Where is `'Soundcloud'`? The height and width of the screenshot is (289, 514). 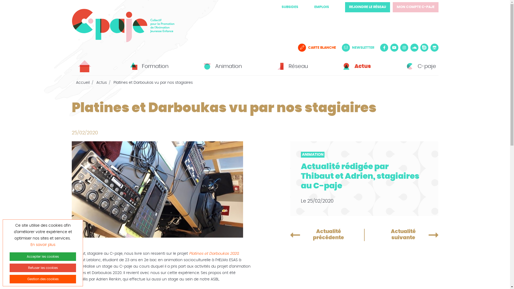 'Soundcloud' is located at coordinates (410, 47).